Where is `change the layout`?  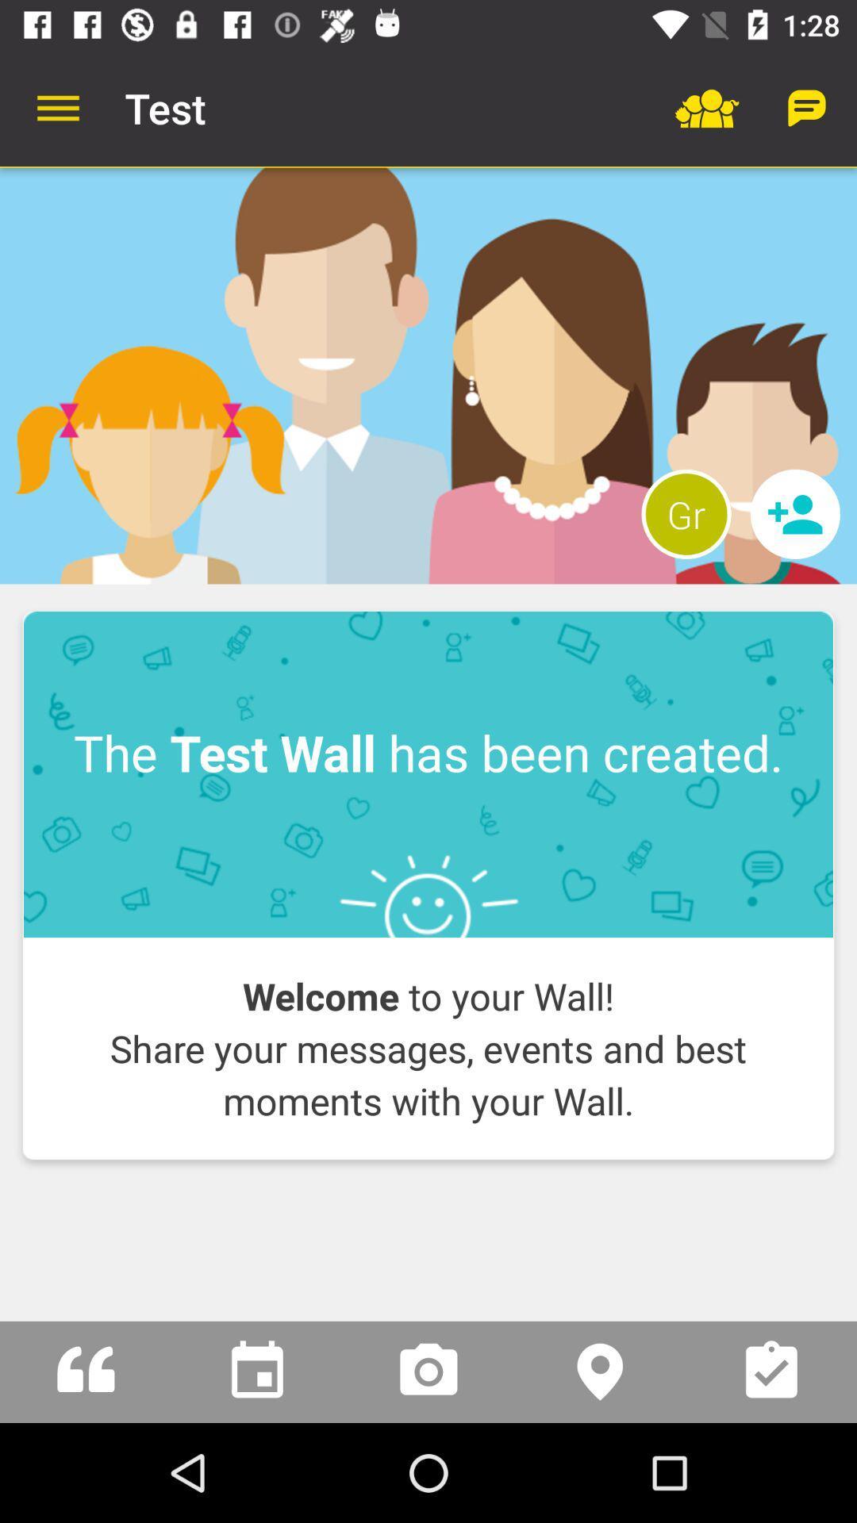
change the layout is located at coordinates (428, 375).